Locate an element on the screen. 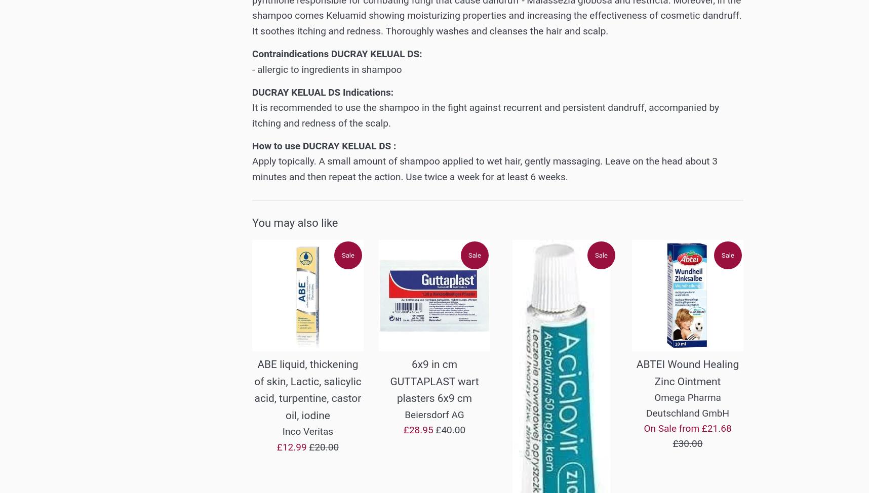 This screenshot has height=493, width=869. '- allergic to ingredients in shampoo' is located at coordinates (251, 68).